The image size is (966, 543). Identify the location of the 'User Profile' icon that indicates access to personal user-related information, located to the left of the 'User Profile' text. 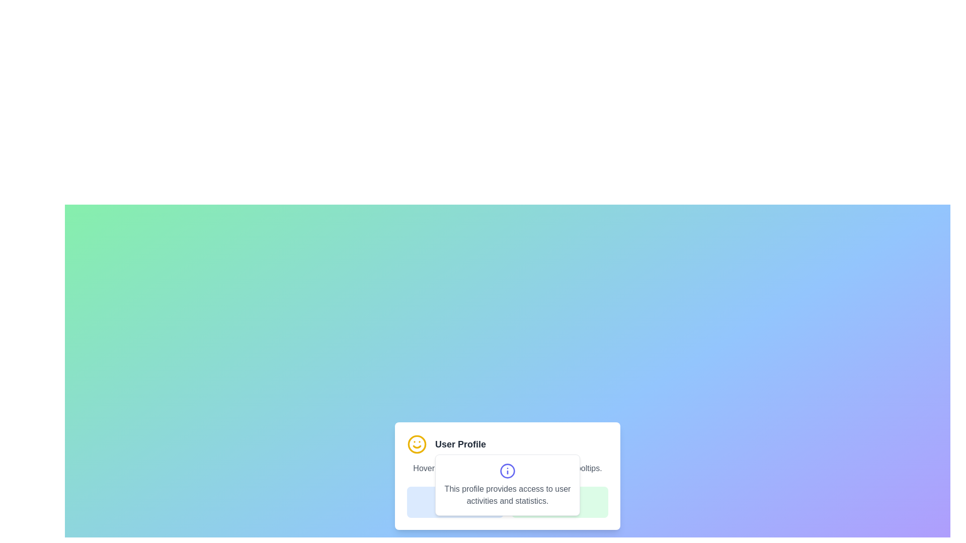
(417, 443).